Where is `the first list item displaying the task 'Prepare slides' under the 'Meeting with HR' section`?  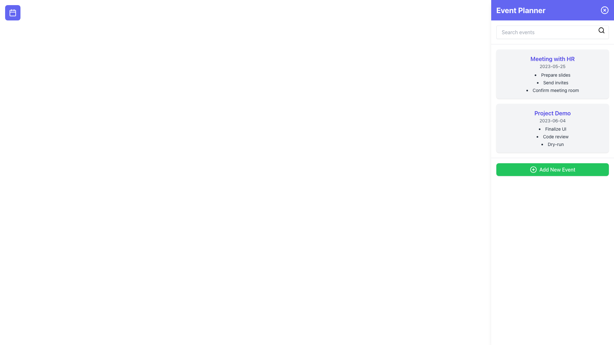
the first list item displaying the task 'Prepare slides' under the 'Meeting with HR' section is located at coordinates (552, 74).